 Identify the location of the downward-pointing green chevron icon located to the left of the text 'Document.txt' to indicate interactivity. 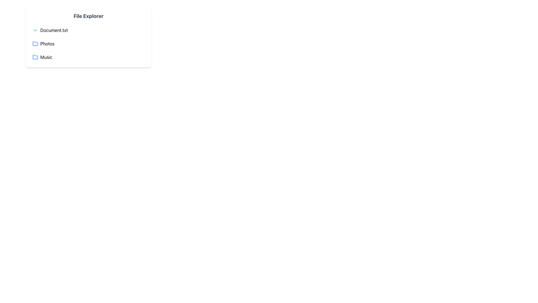
(35, 30).